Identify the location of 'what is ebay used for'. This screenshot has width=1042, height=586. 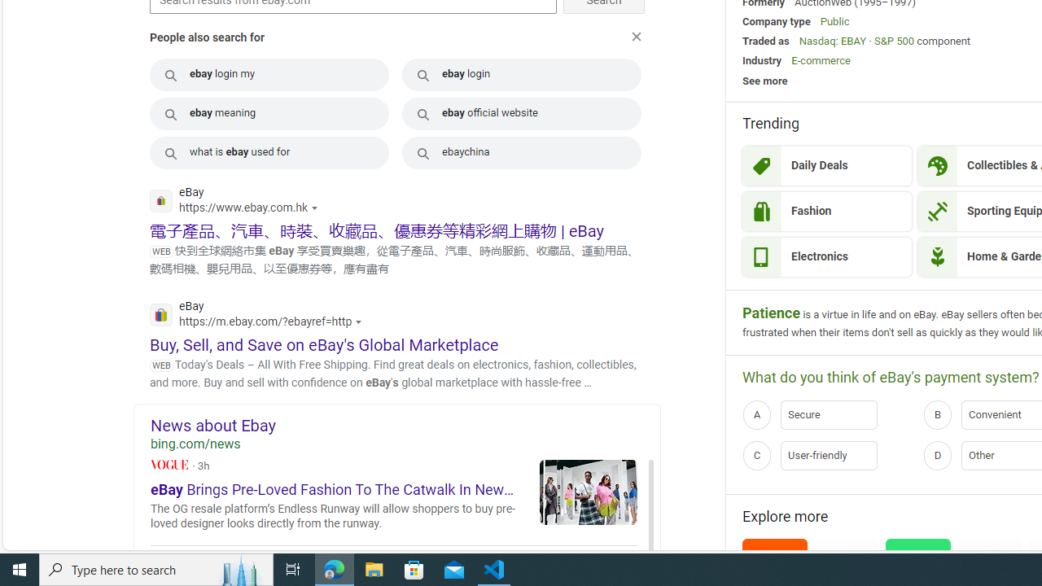
(269, 152).